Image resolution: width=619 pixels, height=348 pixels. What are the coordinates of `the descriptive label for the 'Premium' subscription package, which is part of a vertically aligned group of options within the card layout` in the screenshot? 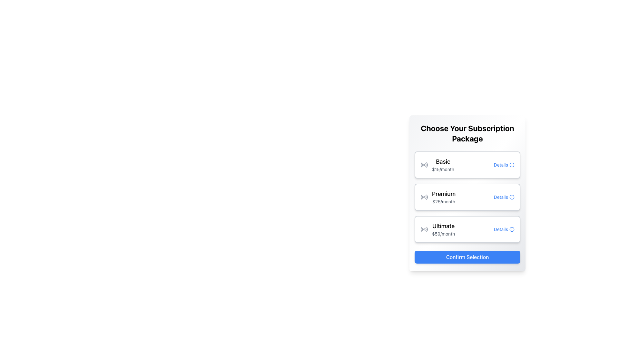 It's located at (438, 197).